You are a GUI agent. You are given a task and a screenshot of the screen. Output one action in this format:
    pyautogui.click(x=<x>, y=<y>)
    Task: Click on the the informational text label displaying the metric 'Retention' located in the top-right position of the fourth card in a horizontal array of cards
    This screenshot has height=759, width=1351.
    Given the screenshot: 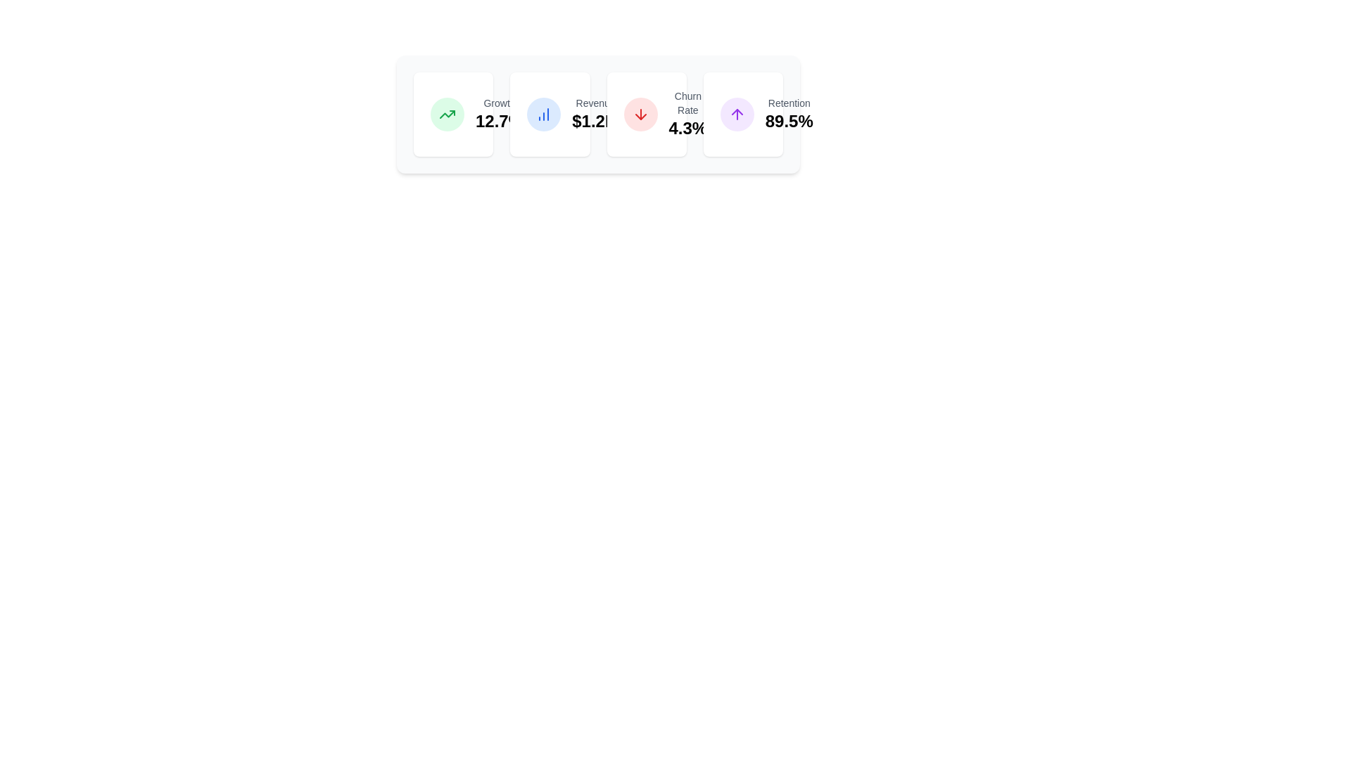 What is the action you would take?
    pyautogui.click(x=789, y=113)
    